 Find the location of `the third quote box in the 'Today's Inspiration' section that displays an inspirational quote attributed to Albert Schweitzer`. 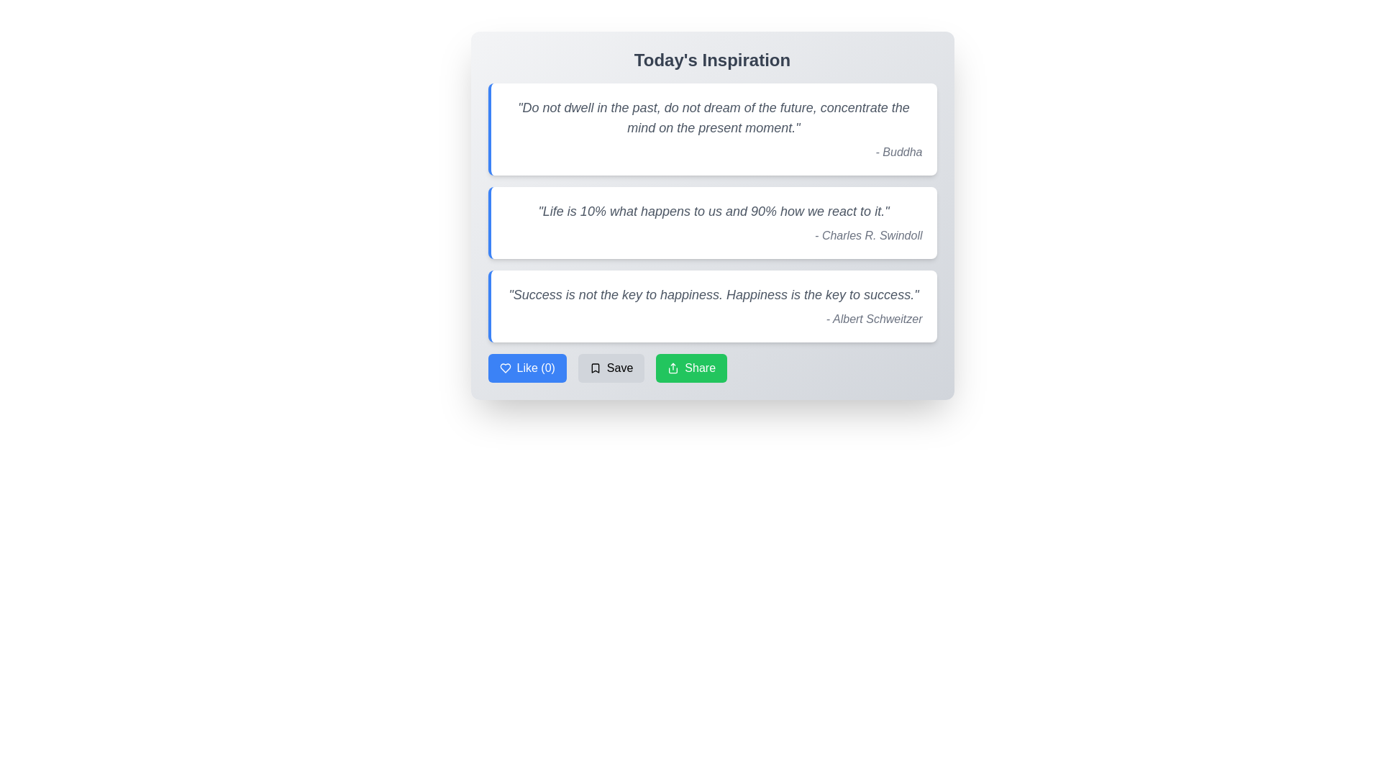

the third quote box in the 'Today's Inspiration' section that displays an inspirational quote attributed to Albert Schweitzer is located at coordinates (712, 305).